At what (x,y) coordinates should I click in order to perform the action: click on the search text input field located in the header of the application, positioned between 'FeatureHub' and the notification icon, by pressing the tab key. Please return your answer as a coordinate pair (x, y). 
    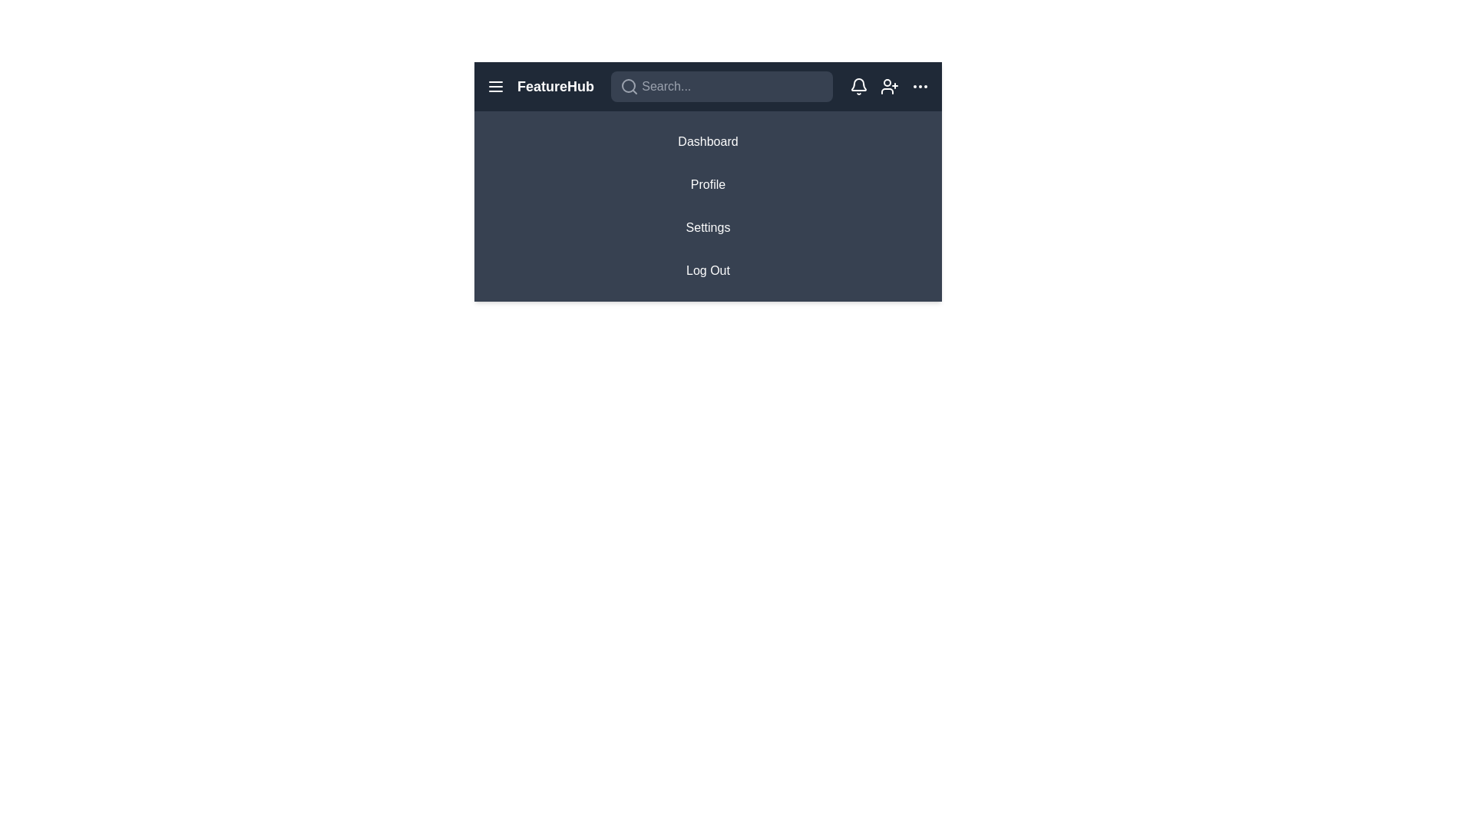
    Looking at the image, I should click on (721, 86).